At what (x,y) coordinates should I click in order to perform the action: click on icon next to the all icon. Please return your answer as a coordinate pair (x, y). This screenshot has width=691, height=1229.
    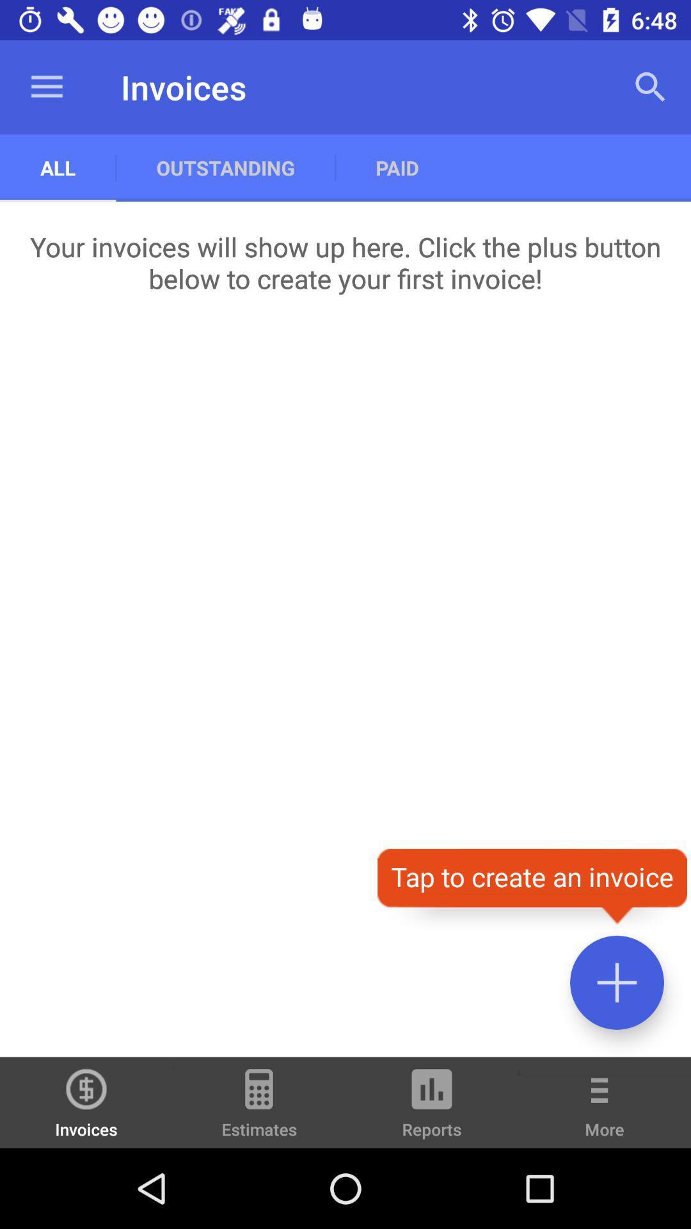
    Looking at the image, I should click on (225, 167).